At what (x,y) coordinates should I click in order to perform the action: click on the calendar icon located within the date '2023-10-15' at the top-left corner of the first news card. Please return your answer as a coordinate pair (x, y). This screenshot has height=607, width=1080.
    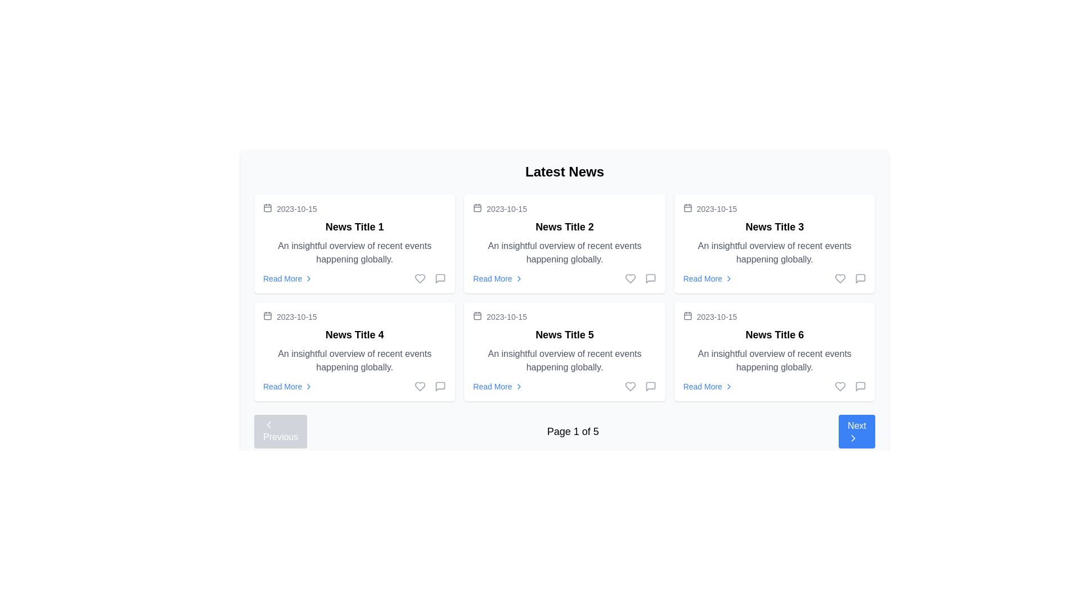
    Looking at the image, I should click on (267, 208).